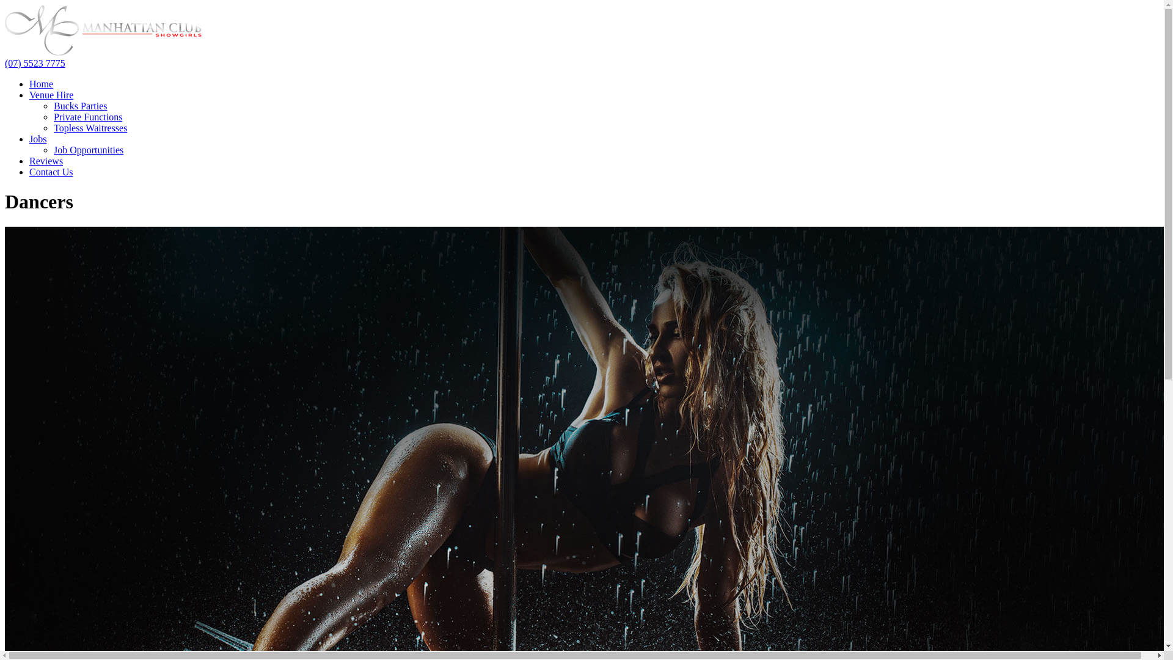  Describe the element at coordinates (5, 63) in the screenshot. I see `'(07) 5523 7775'` at that location.